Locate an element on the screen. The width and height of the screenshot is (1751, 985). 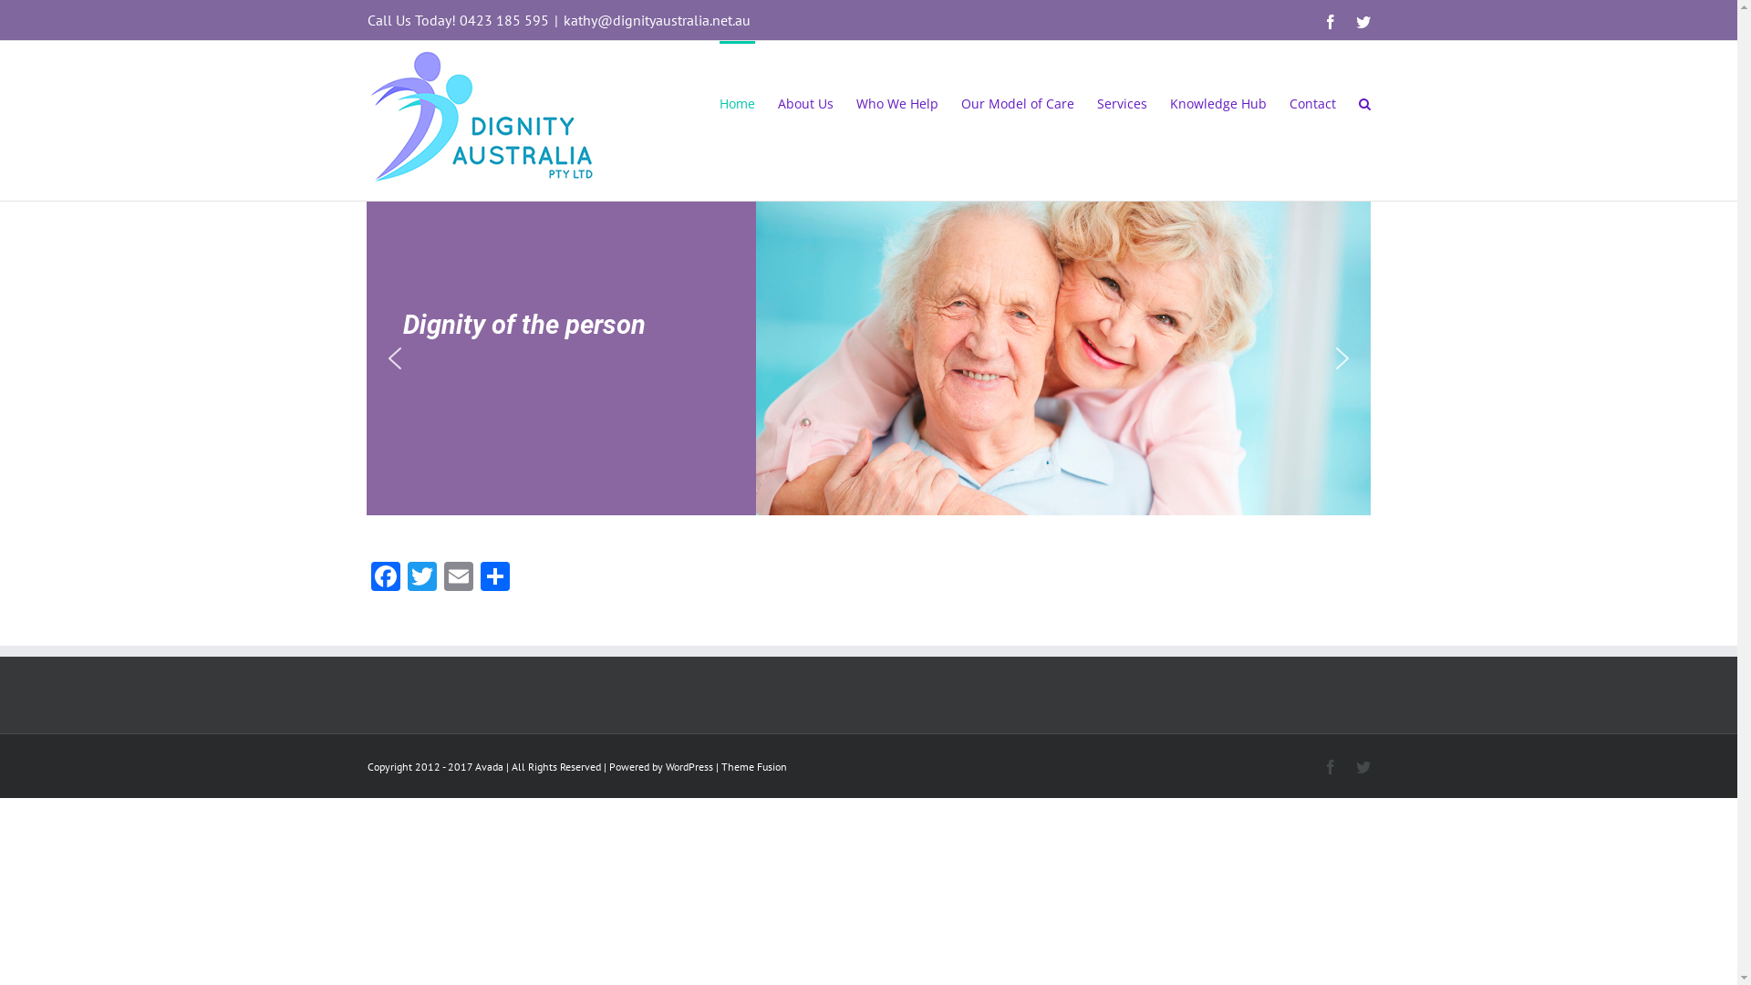
'Facebook' is located at coordinates (384, 577).